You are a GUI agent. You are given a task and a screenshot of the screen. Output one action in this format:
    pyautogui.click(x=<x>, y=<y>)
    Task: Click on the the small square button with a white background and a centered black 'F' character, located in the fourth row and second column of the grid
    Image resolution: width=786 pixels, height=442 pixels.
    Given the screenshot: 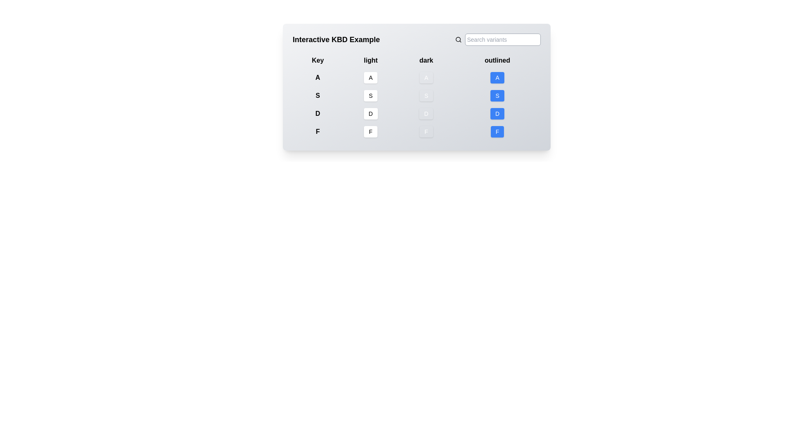 What is the action you would take?
    pyautogui.click(x=370, y=131)
    